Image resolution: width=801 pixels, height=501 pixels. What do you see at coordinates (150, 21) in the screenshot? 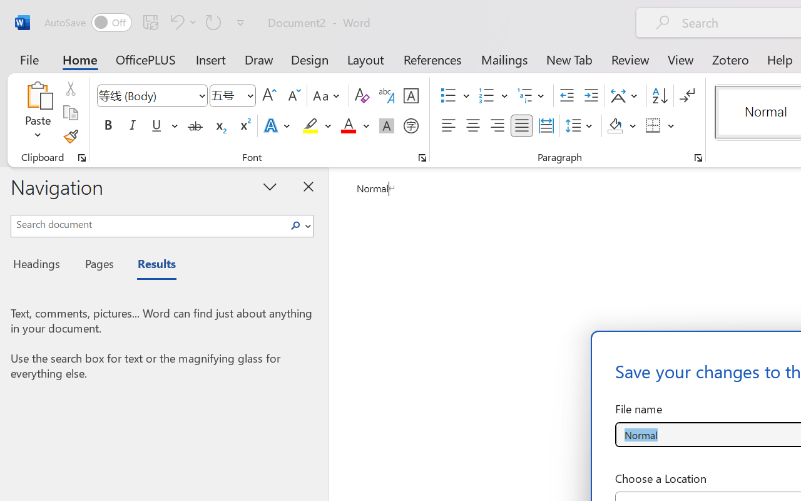
I see `'Save'` at bounding box center [150, 21].